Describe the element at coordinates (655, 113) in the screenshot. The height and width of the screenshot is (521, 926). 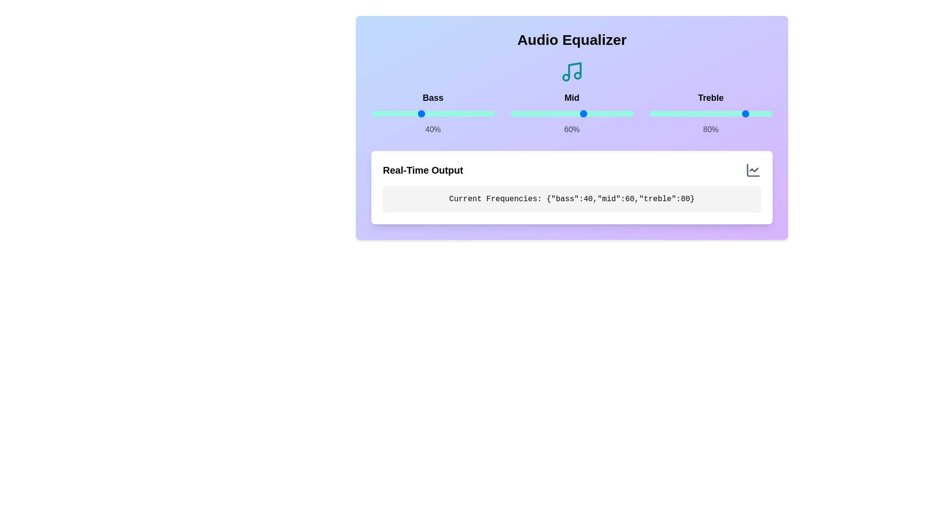
I see `the 'Treble' slider` at that location.